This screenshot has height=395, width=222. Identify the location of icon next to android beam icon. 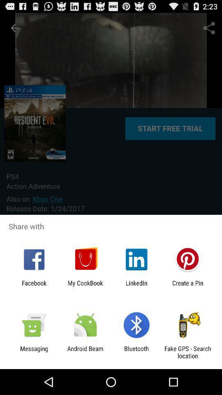
(136, 352).